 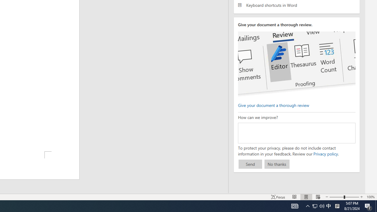 What do you see at coordinates (306, 197) in the screenshot?
I see `'Print Layout'` at bounding box center [306, 197].